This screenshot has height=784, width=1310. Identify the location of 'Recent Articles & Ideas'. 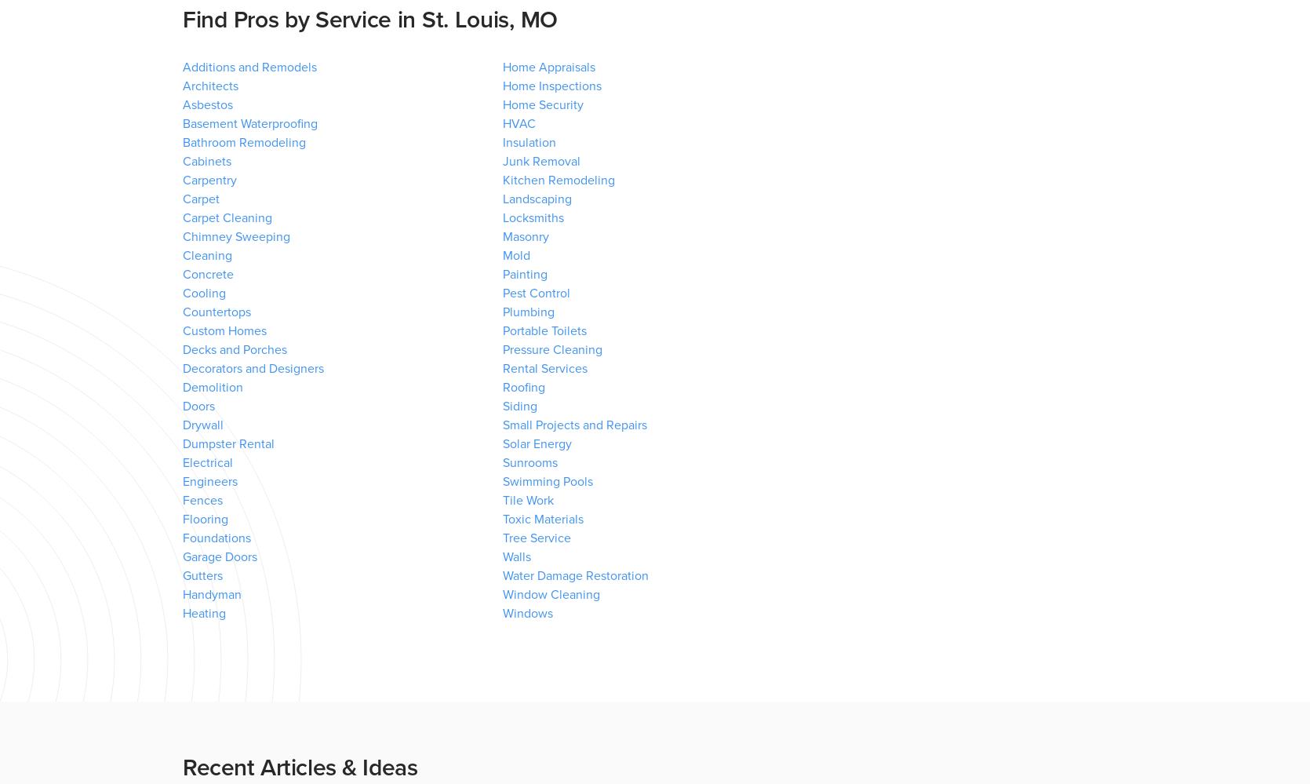
(300, 767).